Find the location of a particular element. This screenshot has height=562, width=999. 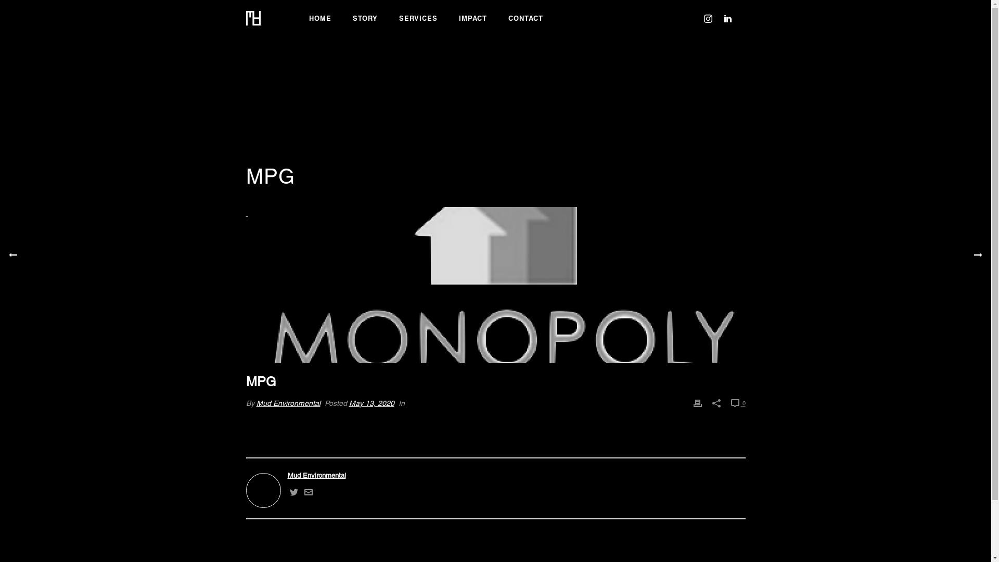

'STORY' is located at coordinates (365, 18).